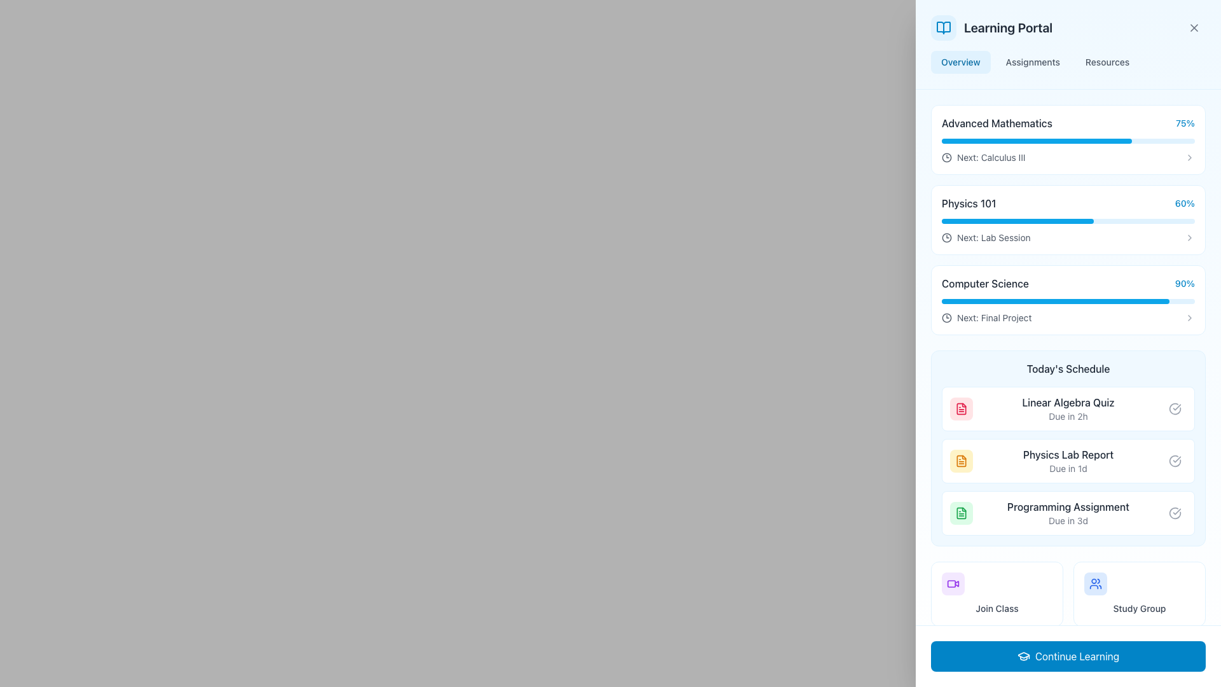  Describe the element at coordinates (1068, 417) in the screenshot. I see `the text label displaying 'Due in 2h', which is located beneath the 'Linear Algebra Quiz' text and aligned within the 'Today’s Schedule' section` at that location.